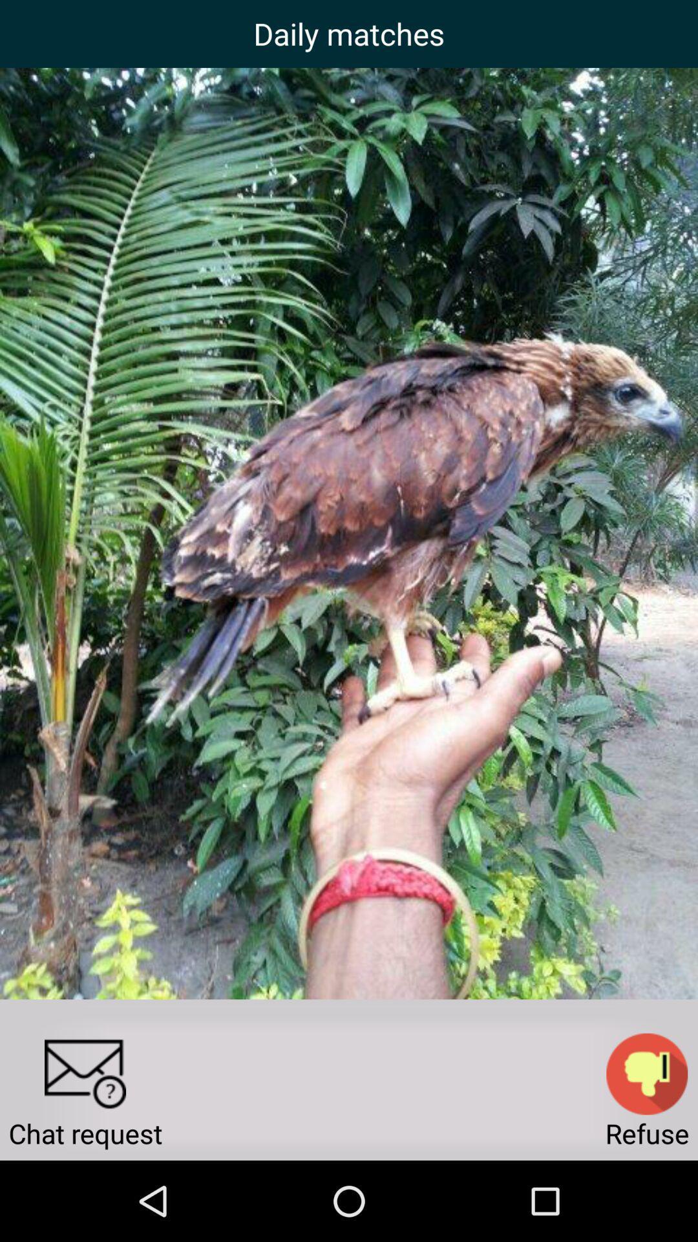  What do you see at coordinates (647, 1074) in the screenshot?
I see `remove current match` at bounding box center [647, 1074].